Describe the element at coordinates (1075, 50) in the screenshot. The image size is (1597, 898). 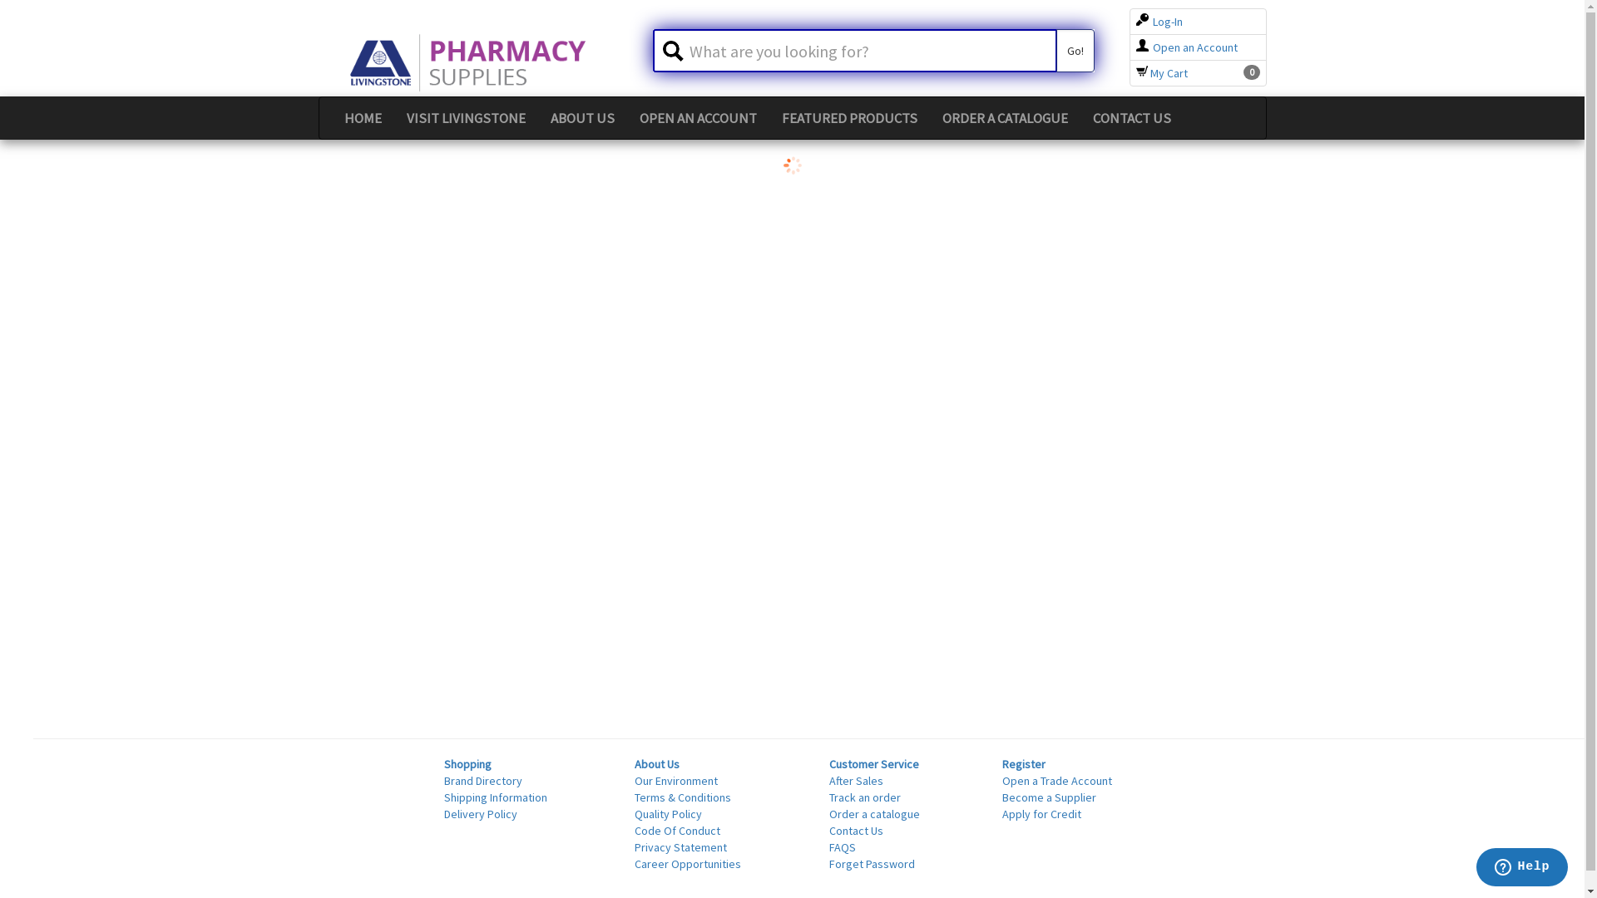
I see `'Go!'` at that location.